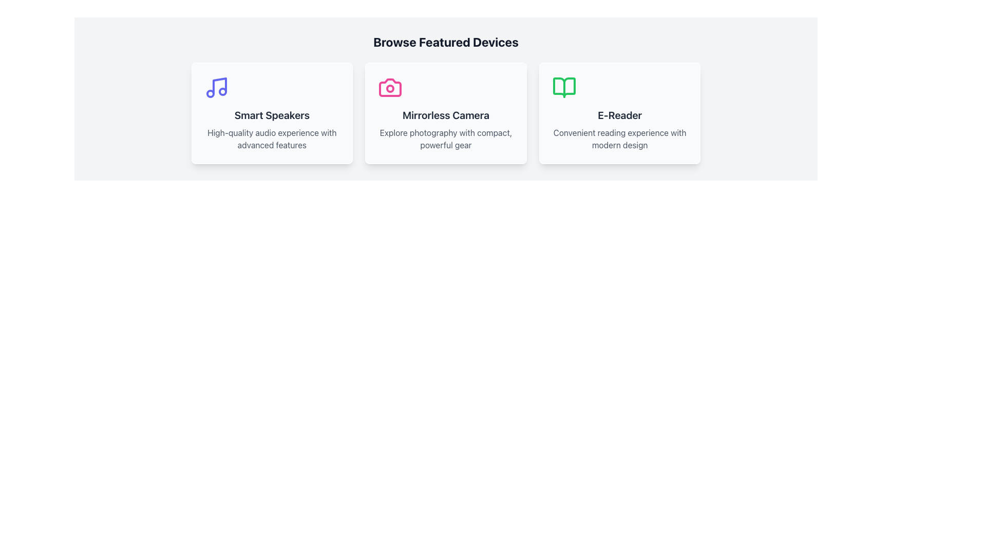 The image size is (986, 554). Describe the element at coordinates (390, 87) in the screenshot. I see `the mirrorless cameras icon located in the upper visual element of the middle card within the 'Browse Featured Devices' section` at that location.